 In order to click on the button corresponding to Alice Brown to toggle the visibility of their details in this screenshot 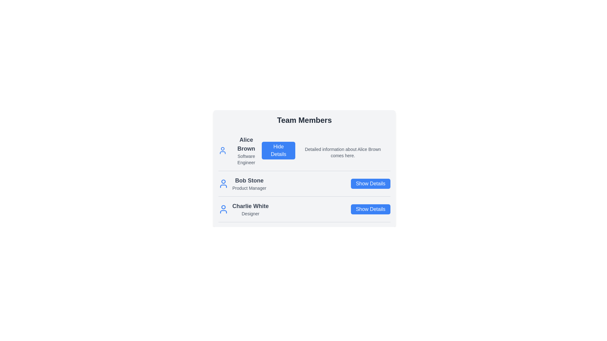, I will do `click(278, 151)`.